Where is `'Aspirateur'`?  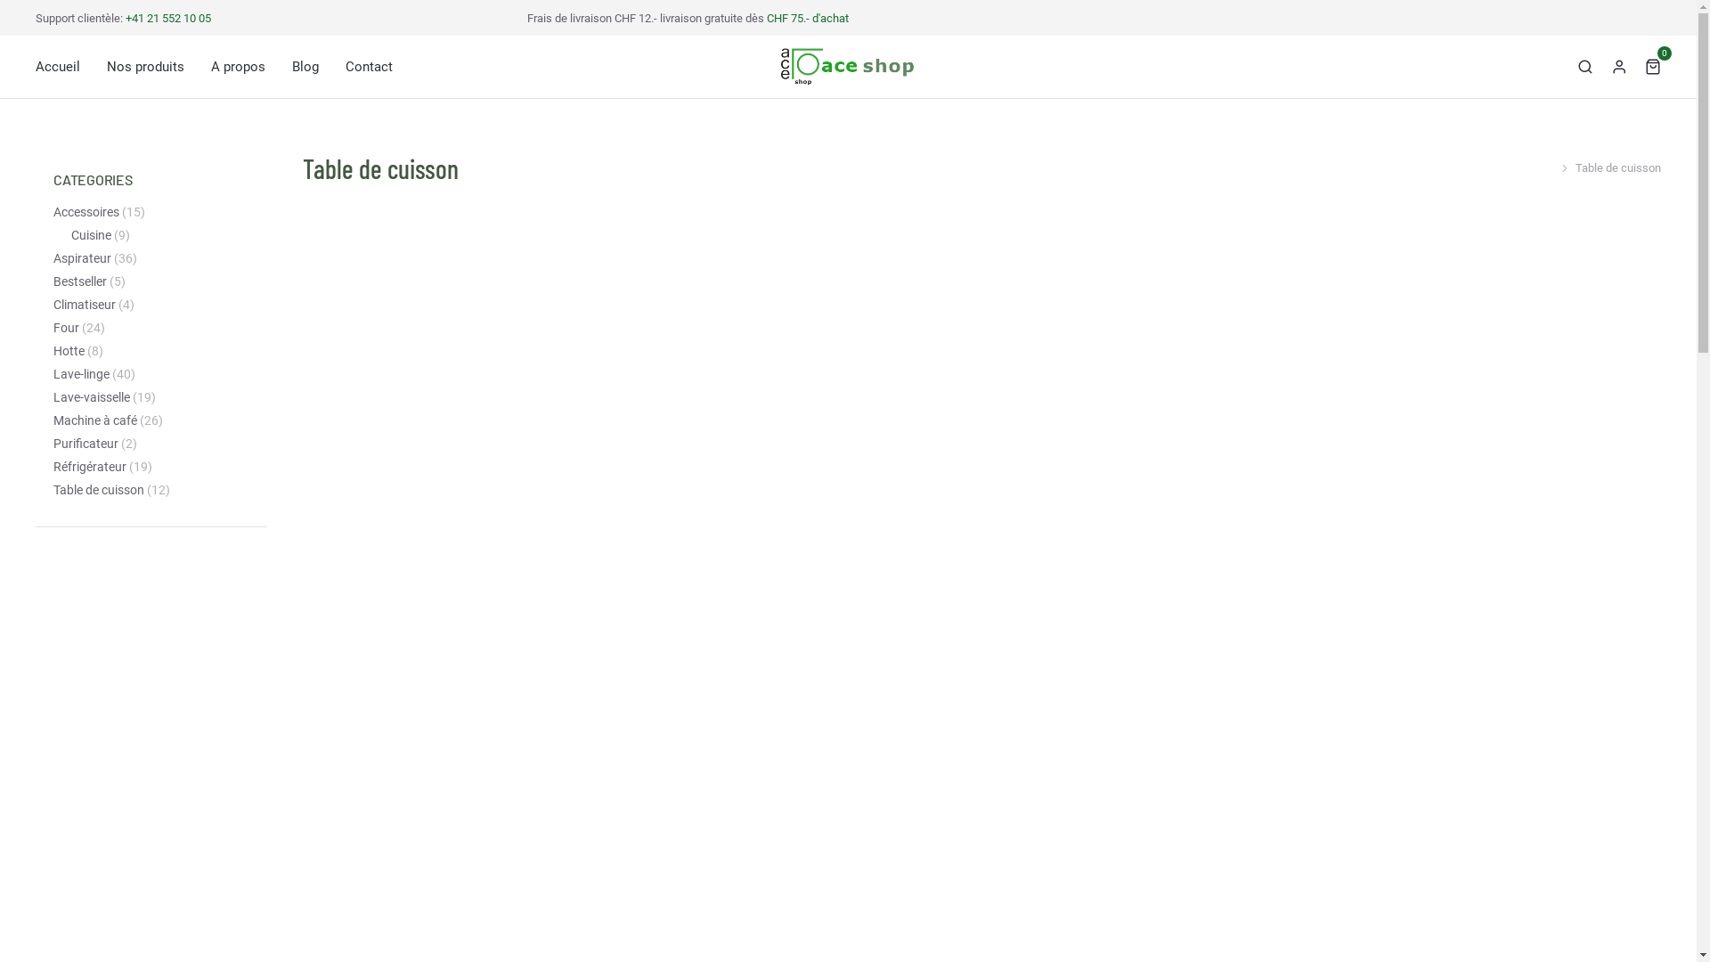
'Aspirateur' is located at coordinates (81, 258).